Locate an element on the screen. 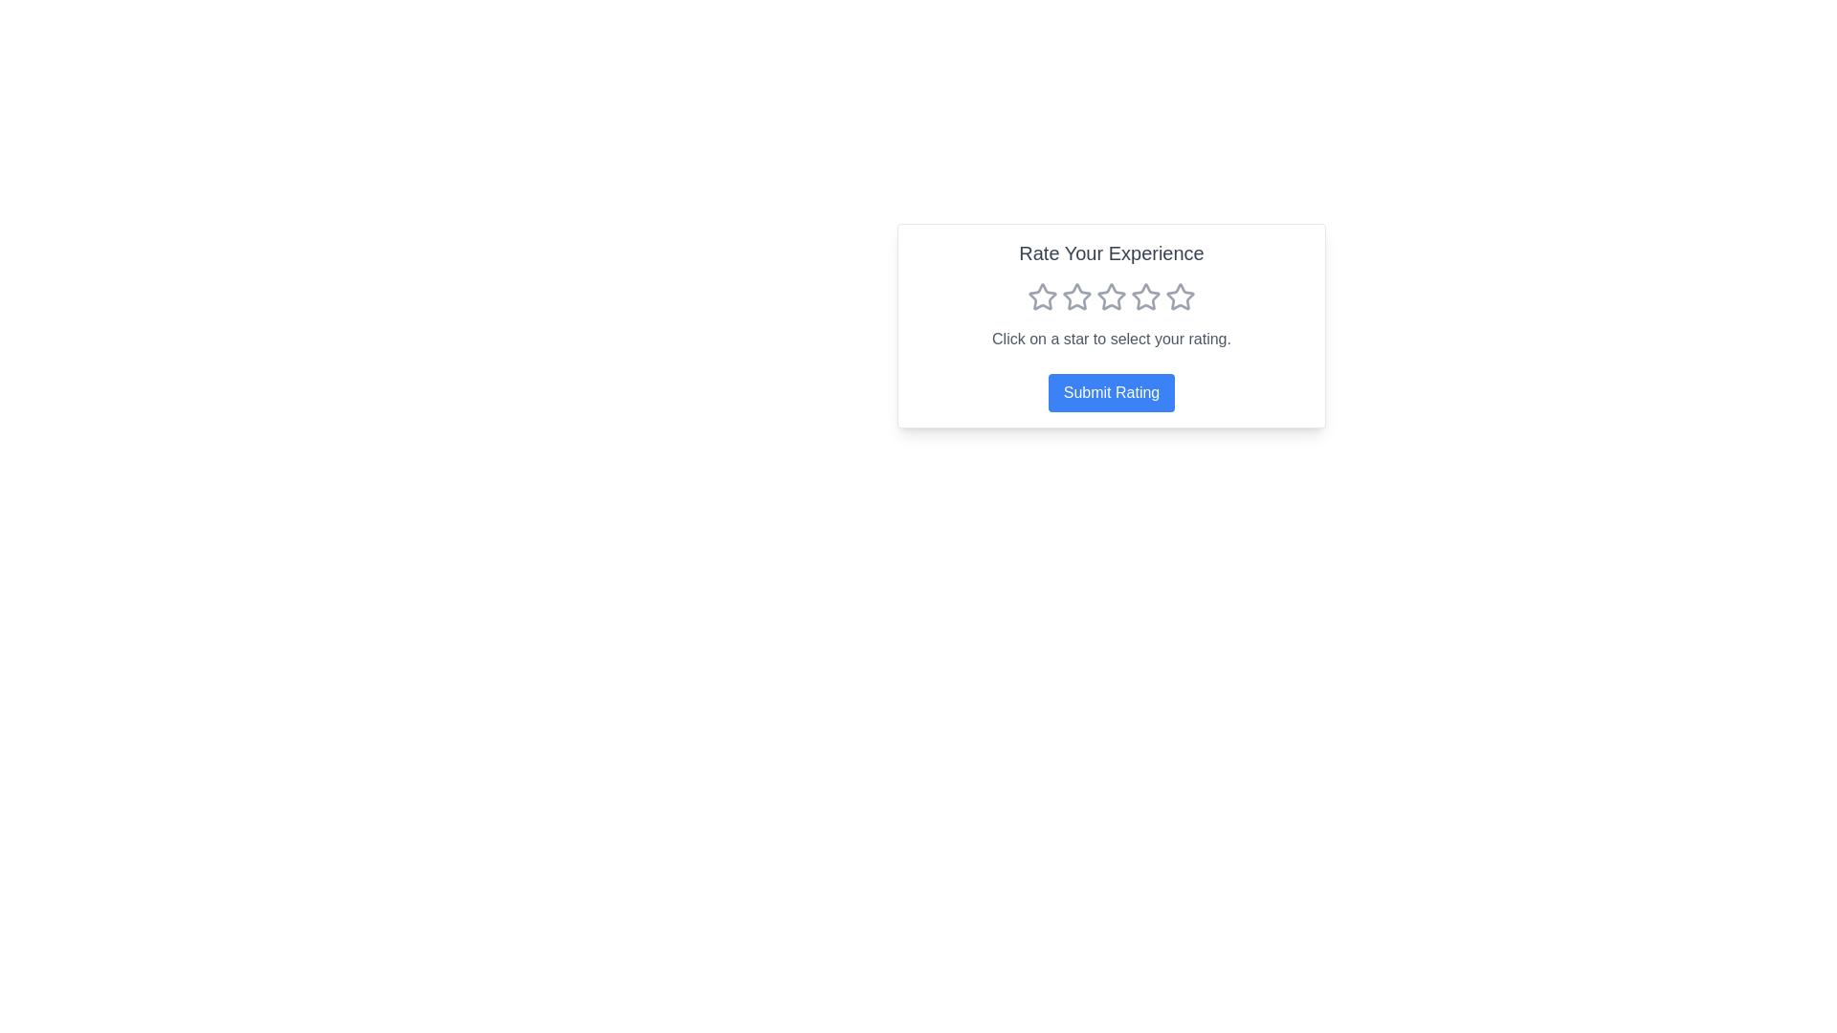  the first Rating Star Icon to rate the item, experience, or service, which will highlight the star to indicate selection is located at coordinates (1041, 297).